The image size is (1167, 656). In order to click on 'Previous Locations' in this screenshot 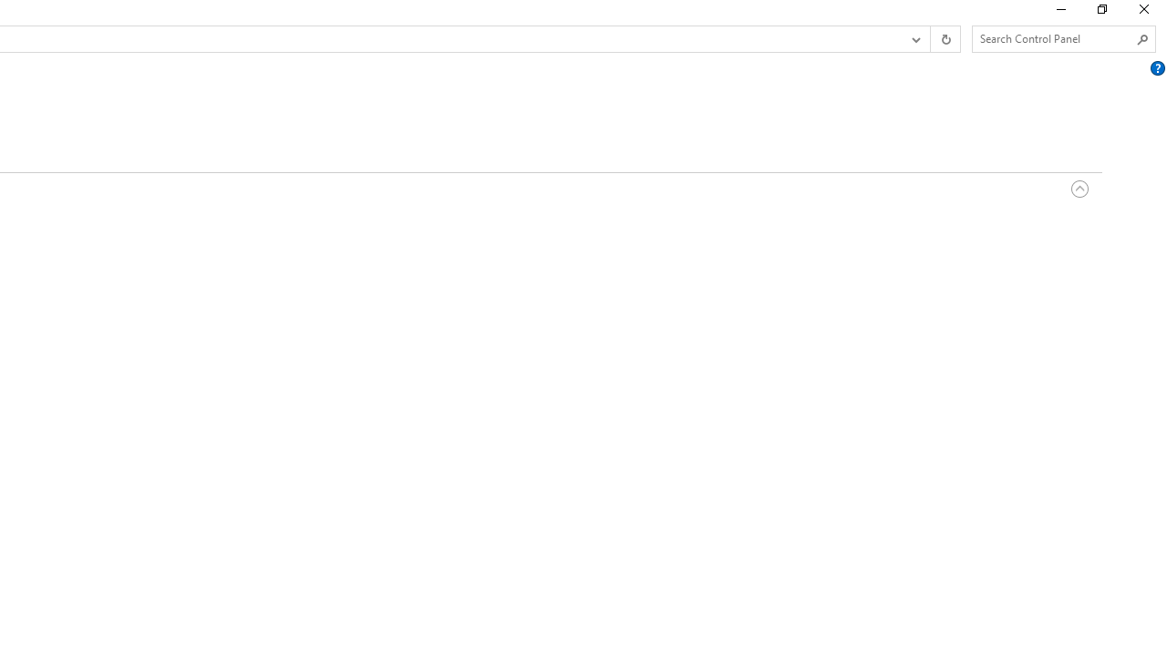, I will do `click(914, 39)`.